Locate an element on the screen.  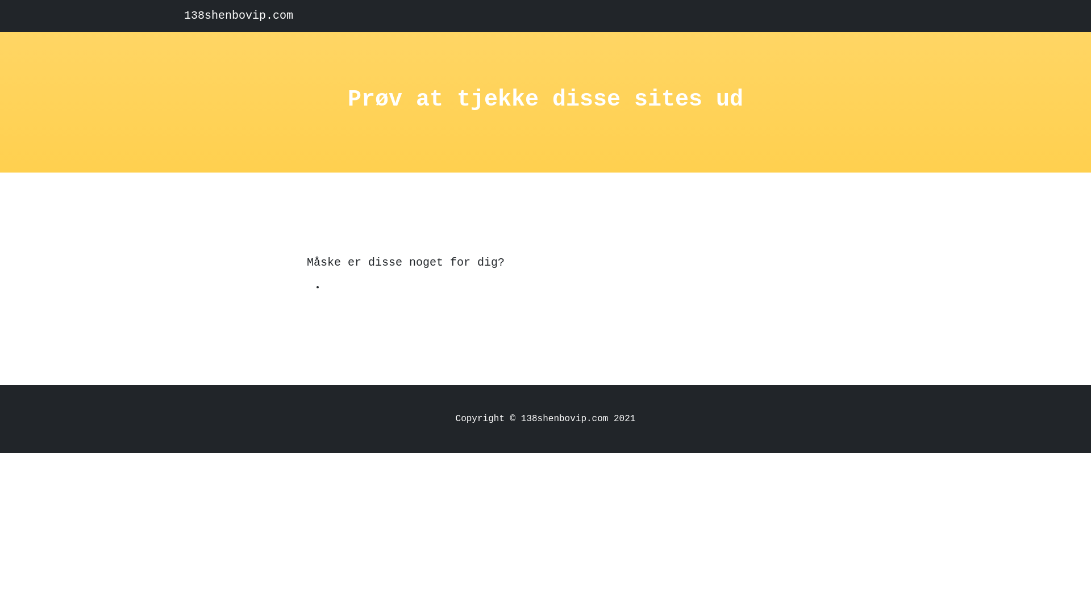
'138shenbovip.com' is located at coordinates (238, 15).